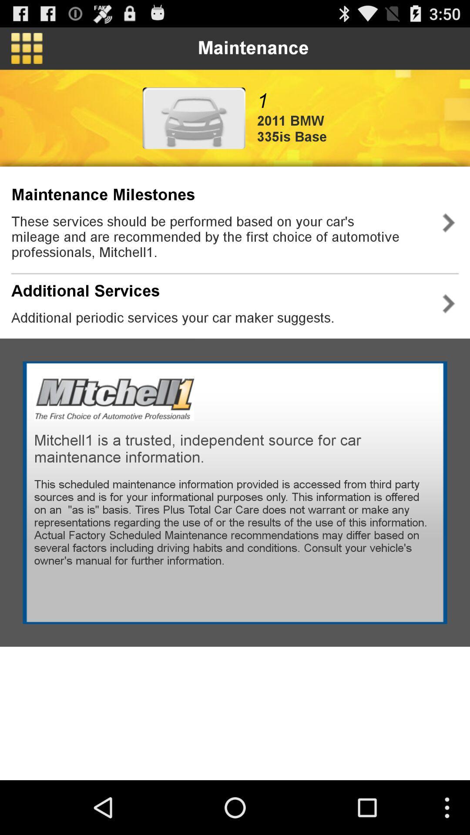  Describe the element at coordinates (193, 117) in the screenshot. I see `icon next to 1` at that location.